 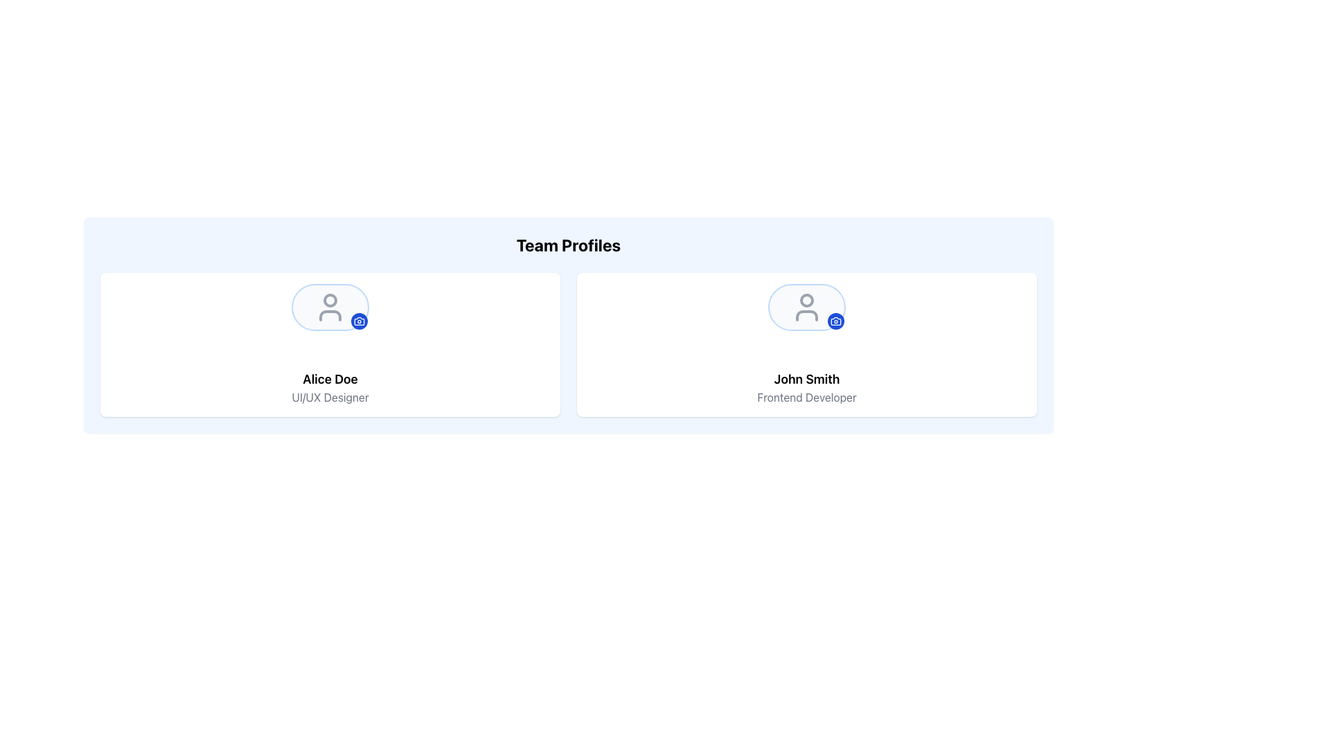 What do you see at coordinates (807, 379) in the screenshot?
I see `the text label displaying 'John Smith' located centrally within the right profile card, above the 'Frontend Developer' label` at bounding box center [807, 379].